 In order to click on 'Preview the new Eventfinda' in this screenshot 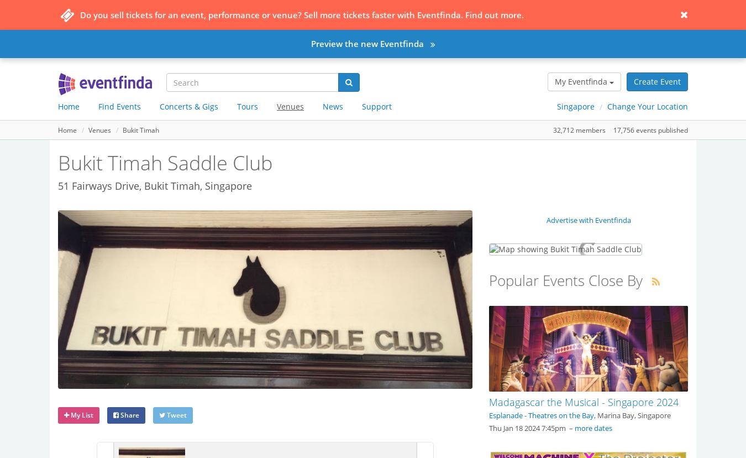, I will do `click(367, 43)`.